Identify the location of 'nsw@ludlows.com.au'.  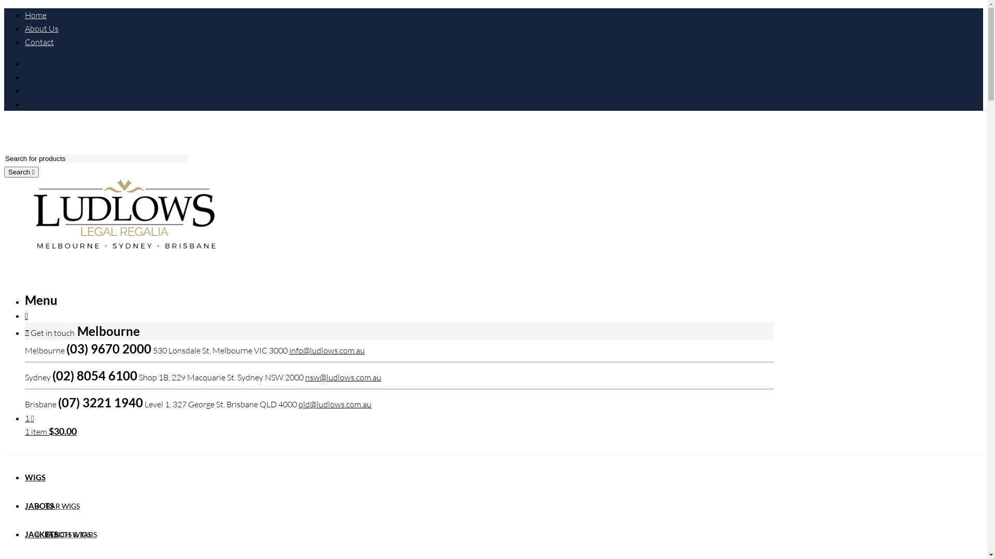
(305, 377).